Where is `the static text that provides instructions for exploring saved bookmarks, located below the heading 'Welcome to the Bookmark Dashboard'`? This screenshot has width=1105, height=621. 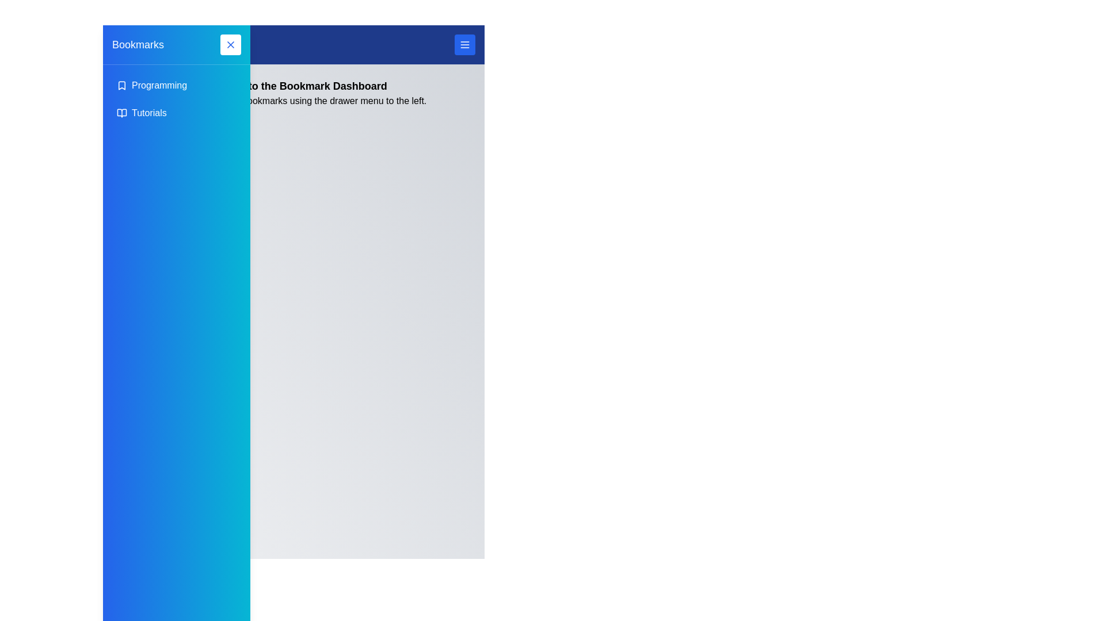
the static text that provides instructions for exploring saved bookmarks, located below the heading 'Welcome to the Bookmark Dashboard' is located at coordinates (294, 101).